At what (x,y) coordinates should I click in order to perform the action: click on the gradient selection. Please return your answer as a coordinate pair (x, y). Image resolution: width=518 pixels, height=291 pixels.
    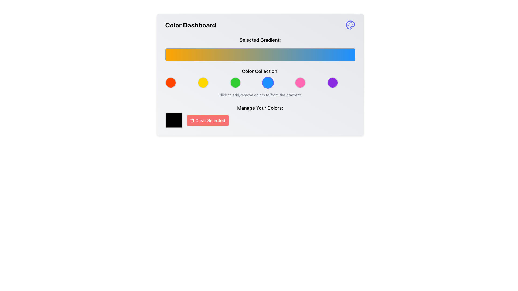
    Looking at the image, I should click on (192, 55).